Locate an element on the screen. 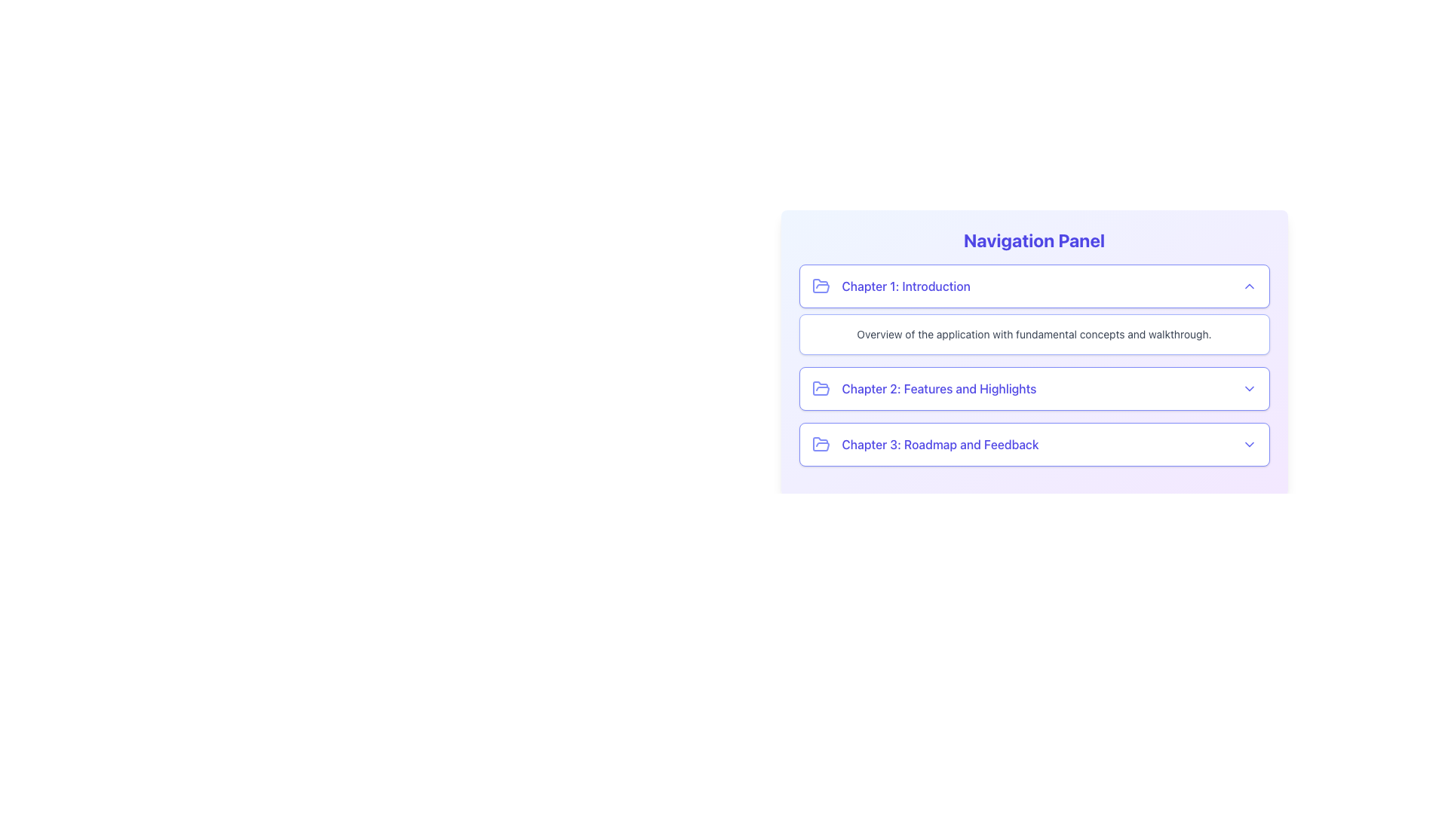  the Dropdown toggle icon located at the rightmost end of the row titled 'Chapter 3: Roadmap and Feedback' is located at coordinates (1249, 444).